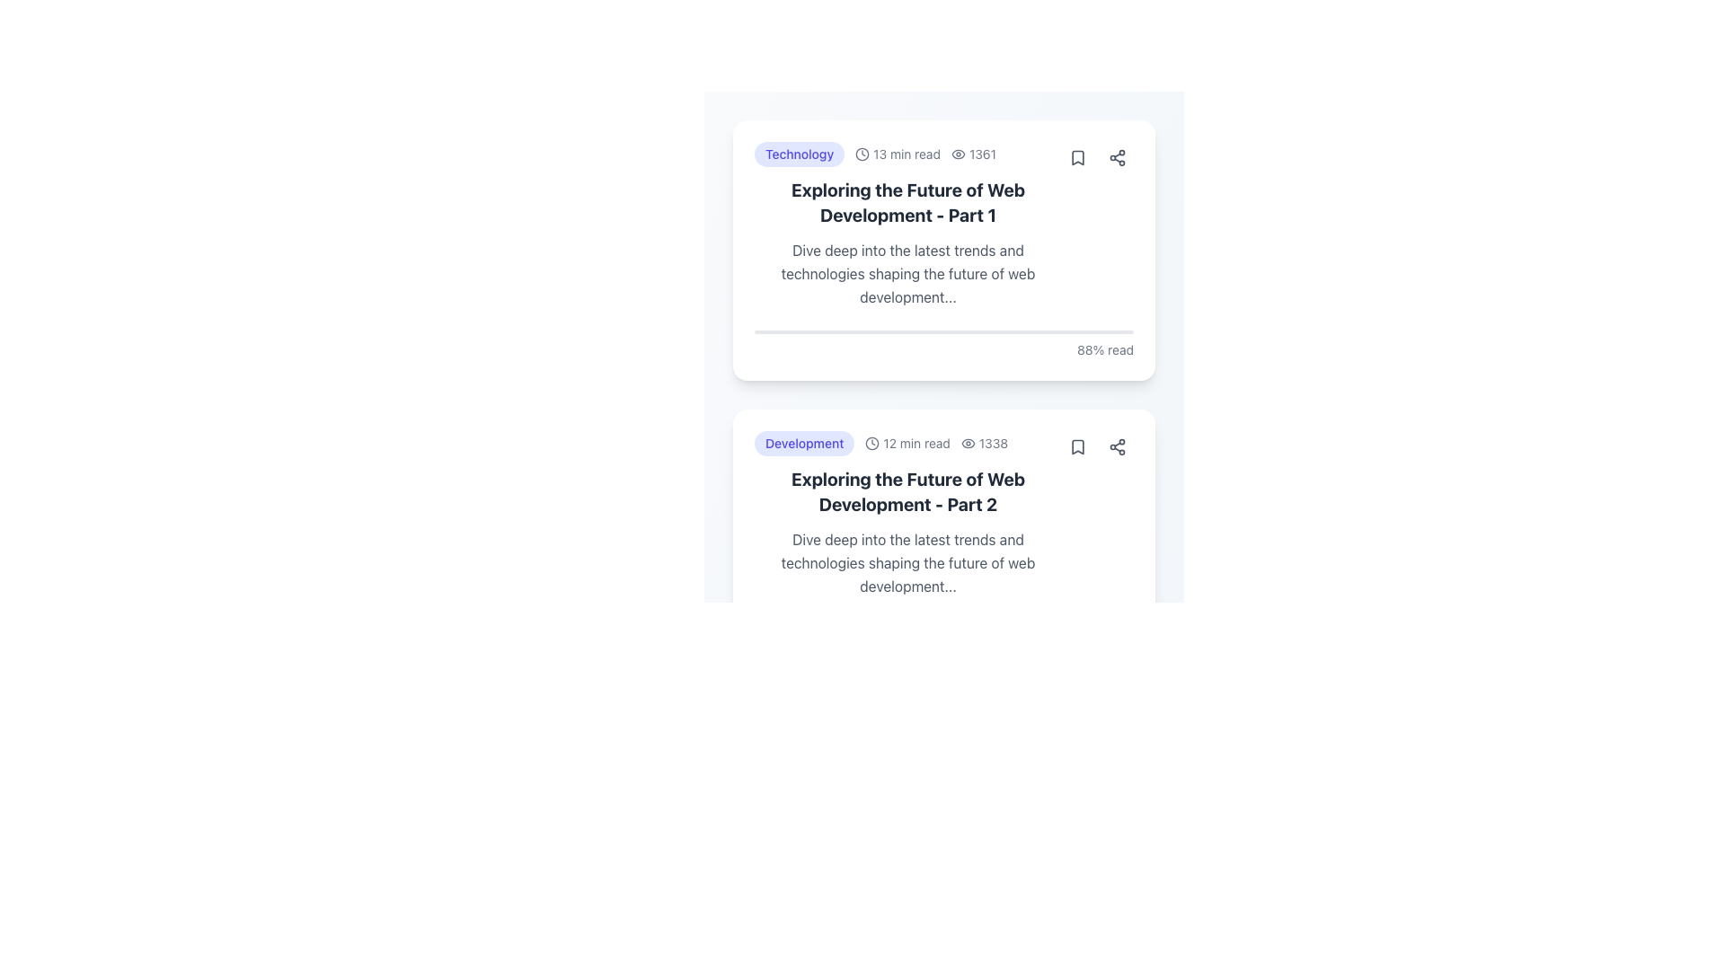  I want to click on the 'Development' metadata display group at the top of the card labeled 'Exploring the Future of Web Development - Part 2' to read the metadata information, so click(908, 443).